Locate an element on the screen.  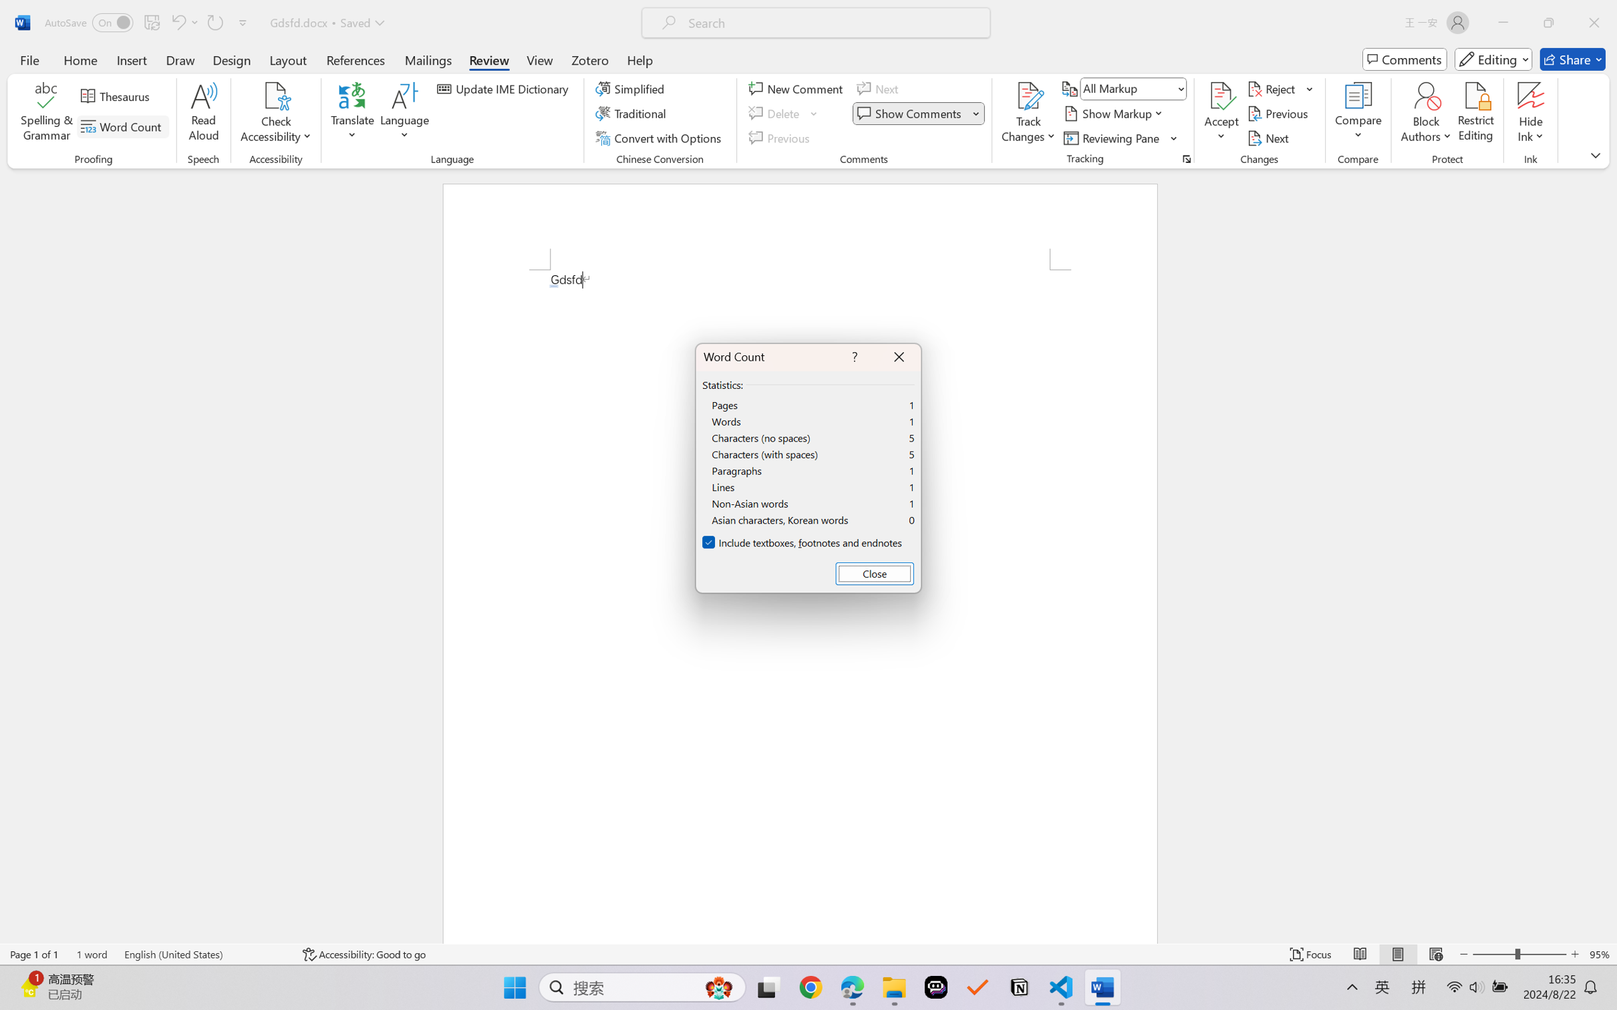
'Track Changes' is located at coordinates (1028, 96).